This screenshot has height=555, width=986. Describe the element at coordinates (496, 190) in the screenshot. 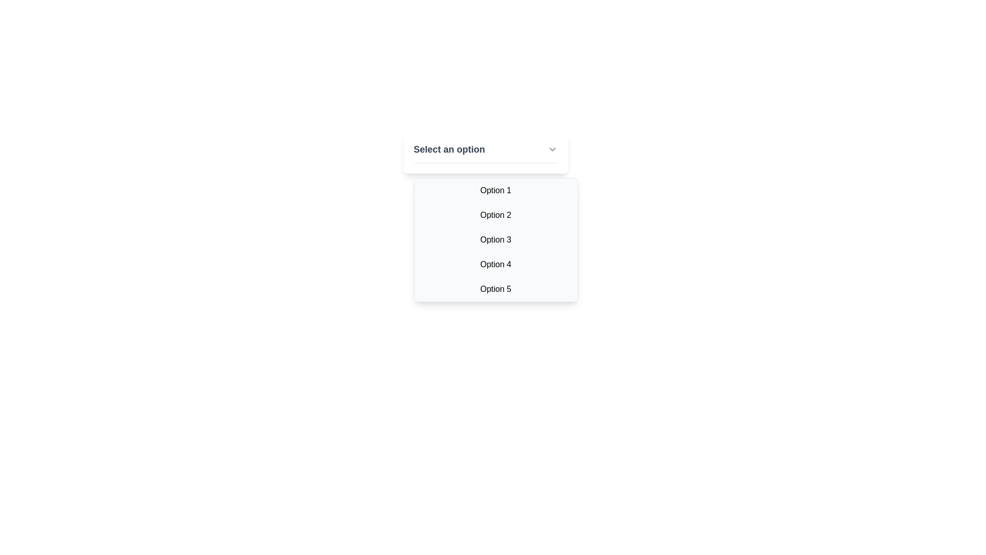

I see `the first item in the dropdown menu labeled 'Option 1', which is located beneath the dropdown trigger 'Select an option'` at that location.